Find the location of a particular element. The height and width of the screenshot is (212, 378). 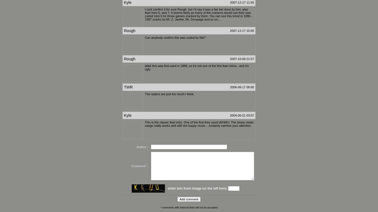

'TWR' is located at coordinates (128, 87).